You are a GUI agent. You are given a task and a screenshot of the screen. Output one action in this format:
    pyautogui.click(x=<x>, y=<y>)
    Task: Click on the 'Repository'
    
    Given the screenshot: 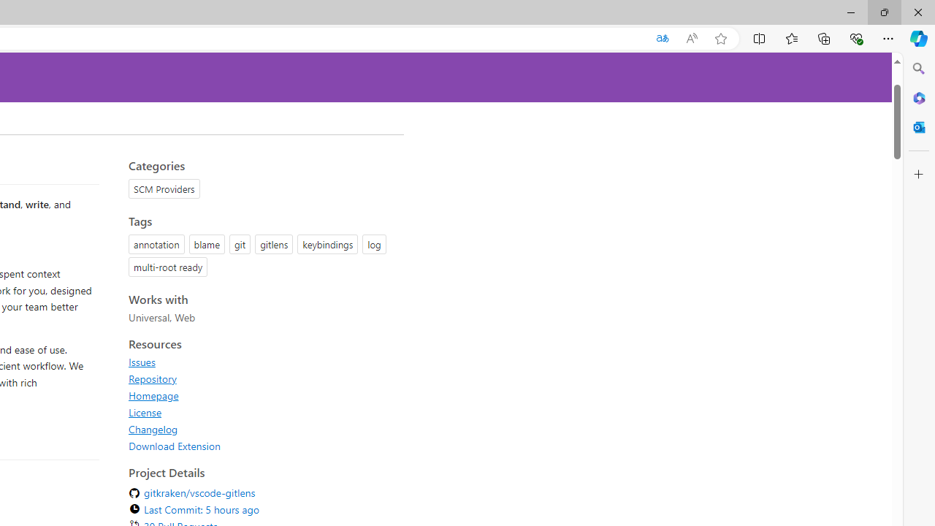 What is the action you would take?
    pyautogui.click(x=153, y=378)
    